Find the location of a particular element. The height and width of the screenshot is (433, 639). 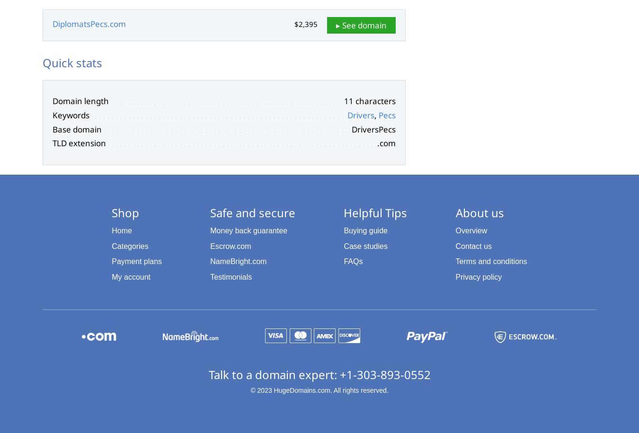

'+1-303-893-0552' is located at coordinates (338, 373).